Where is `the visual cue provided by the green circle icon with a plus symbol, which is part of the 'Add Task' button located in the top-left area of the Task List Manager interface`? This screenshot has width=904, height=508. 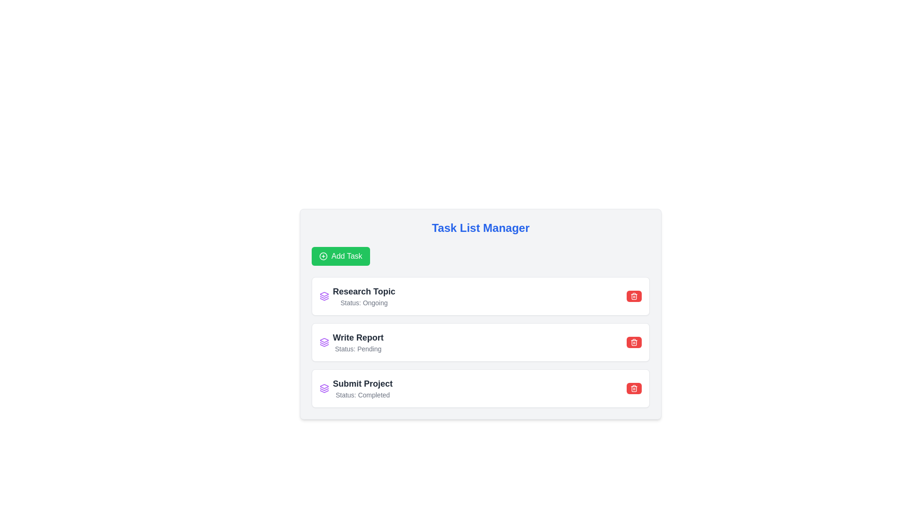 the visual cue provided by the green circle icon with a plus symbol, which is part of the 'Add Task' button located in the top-left area of the Task List Manager interface is located at coordinates (323, 256).